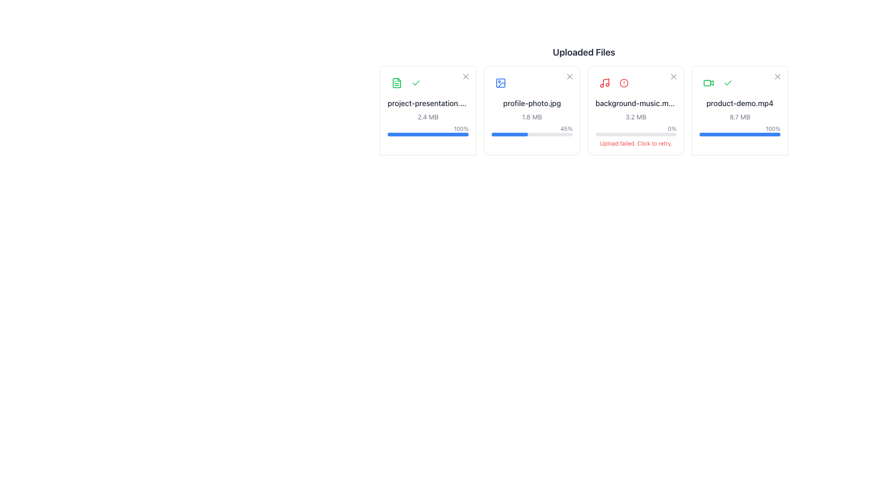 The width and height of the screenshot is (883, 496). Describe the element at coordinates (465, 76) in the screenshot. I see `the 'X' icon button for removing or deleting the associated file item` at that location.